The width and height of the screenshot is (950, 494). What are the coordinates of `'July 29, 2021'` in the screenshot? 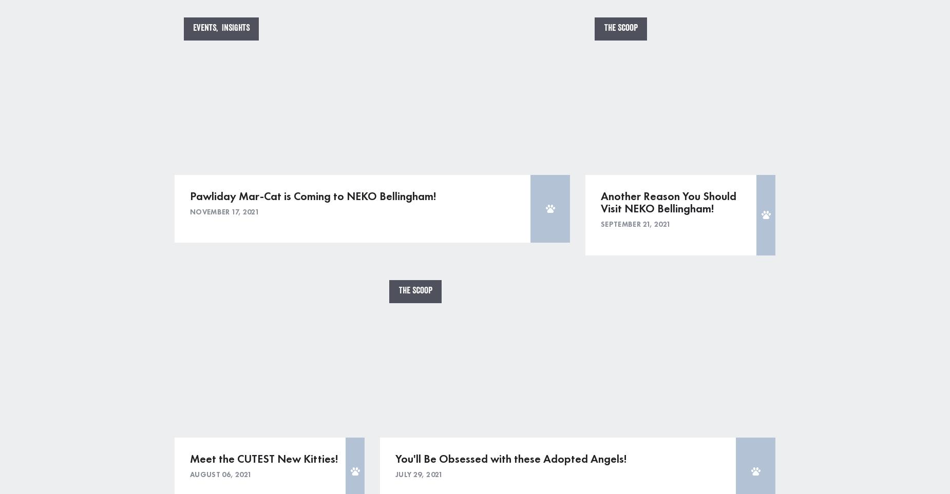 It's located at (419, 473).